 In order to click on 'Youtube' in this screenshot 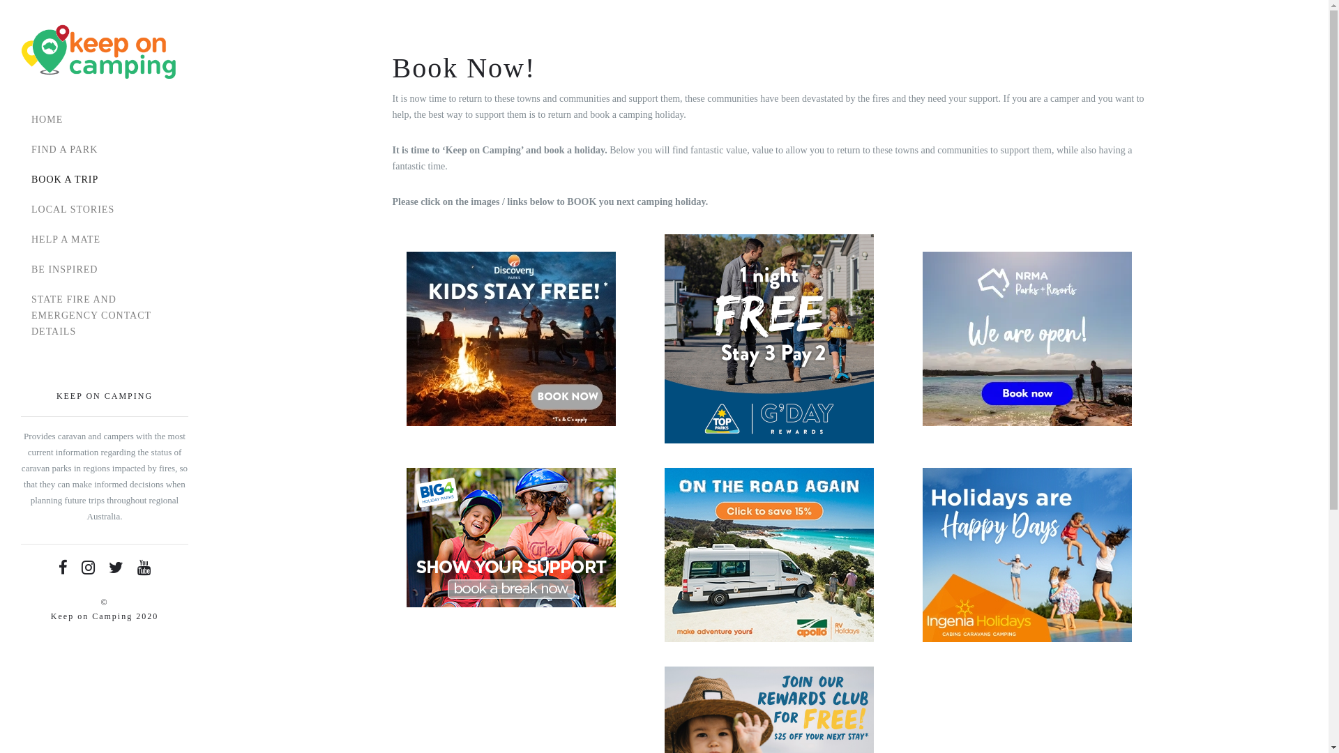, I will do `click(144, 568)`.